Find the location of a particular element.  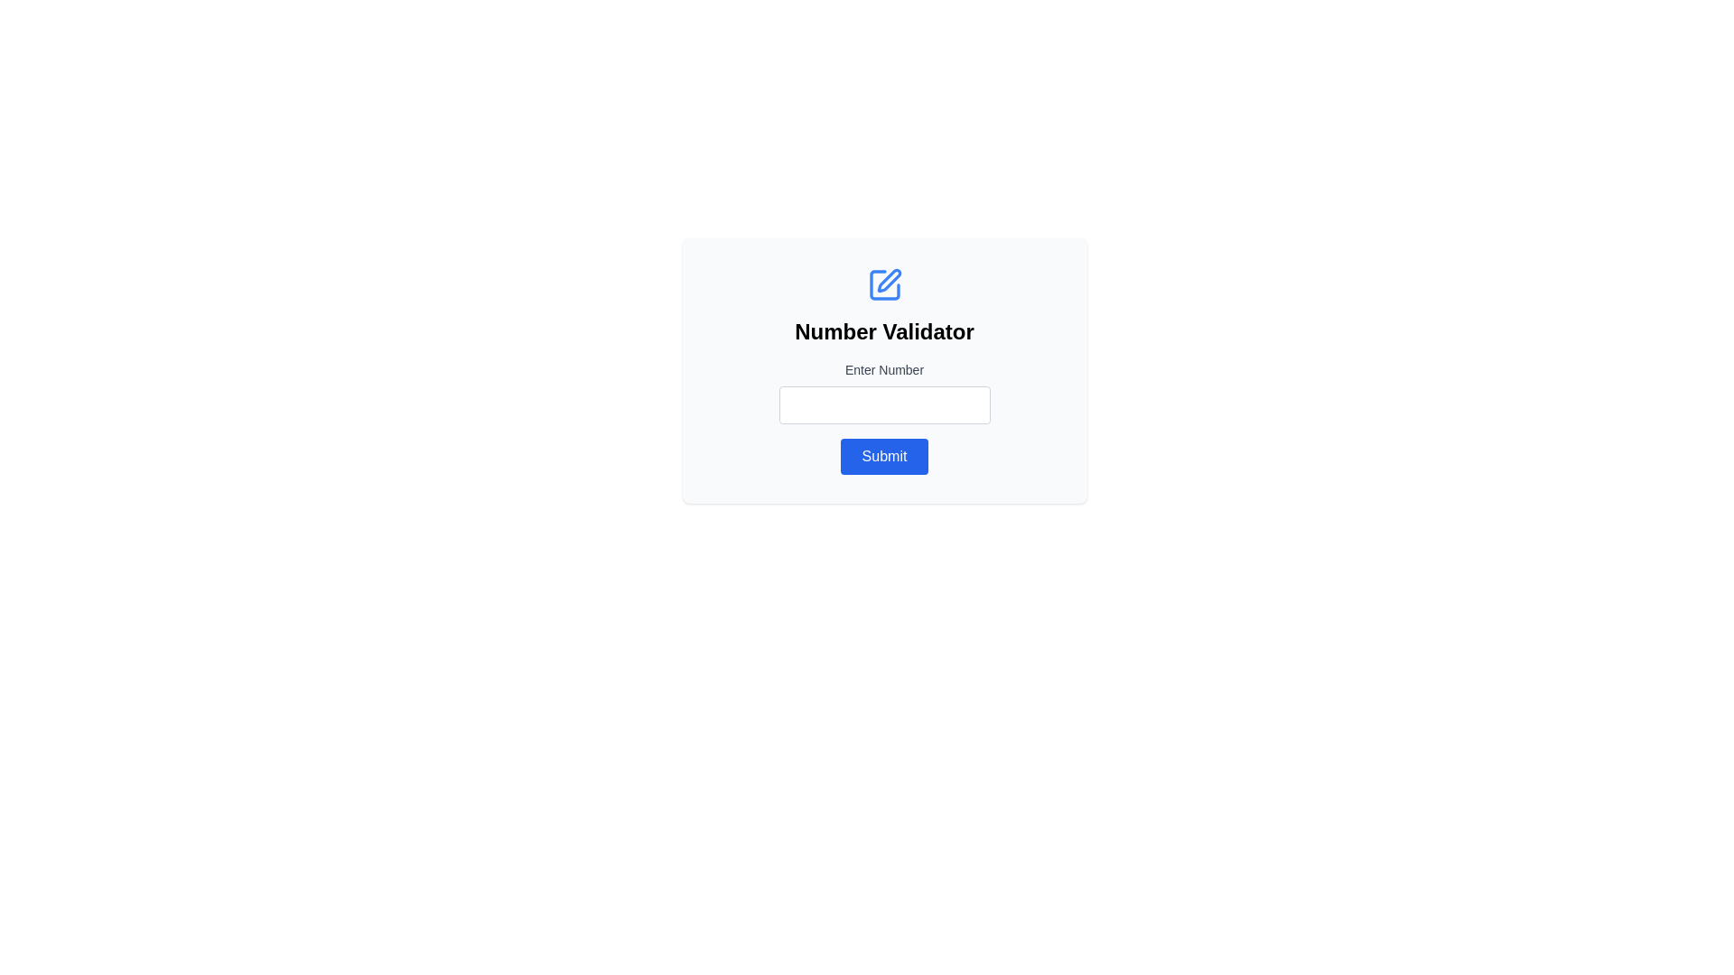

the labeled input field for numeric data entry located in the central region of the 'Number Validator' dialog box to focus on it is located at coordinates (884, 392).